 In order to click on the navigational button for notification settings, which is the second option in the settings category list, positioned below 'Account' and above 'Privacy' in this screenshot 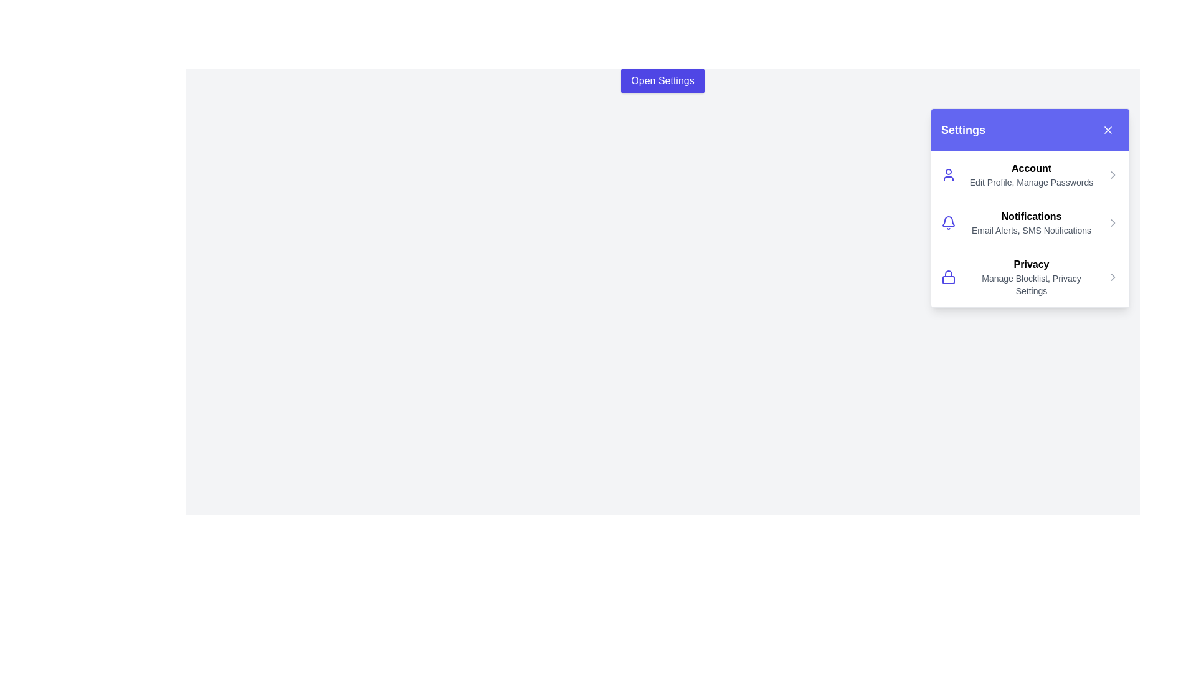, I will do `click(1030, 208)`.